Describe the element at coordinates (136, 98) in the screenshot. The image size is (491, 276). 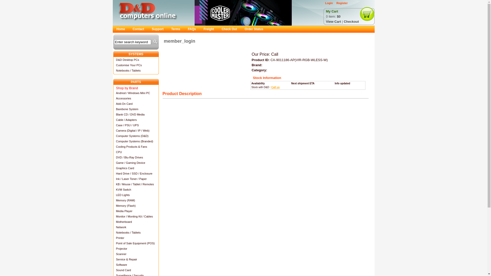
I see `'Accessories'` at that location.